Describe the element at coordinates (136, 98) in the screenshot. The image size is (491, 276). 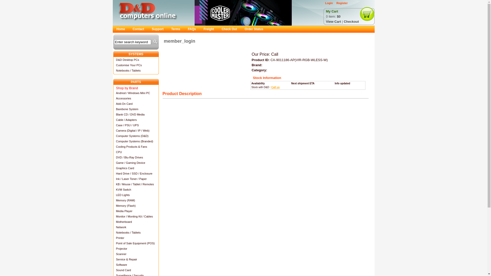
I see `'Accessories'` at that location.